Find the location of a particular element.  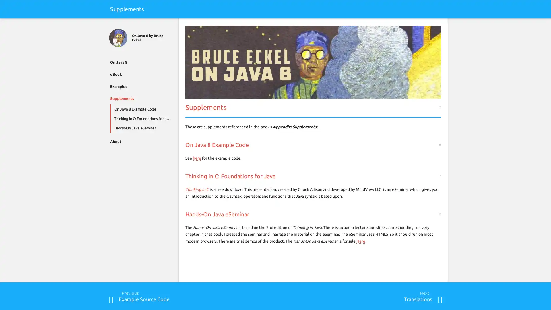

Search is located at coordinates (439, 25).